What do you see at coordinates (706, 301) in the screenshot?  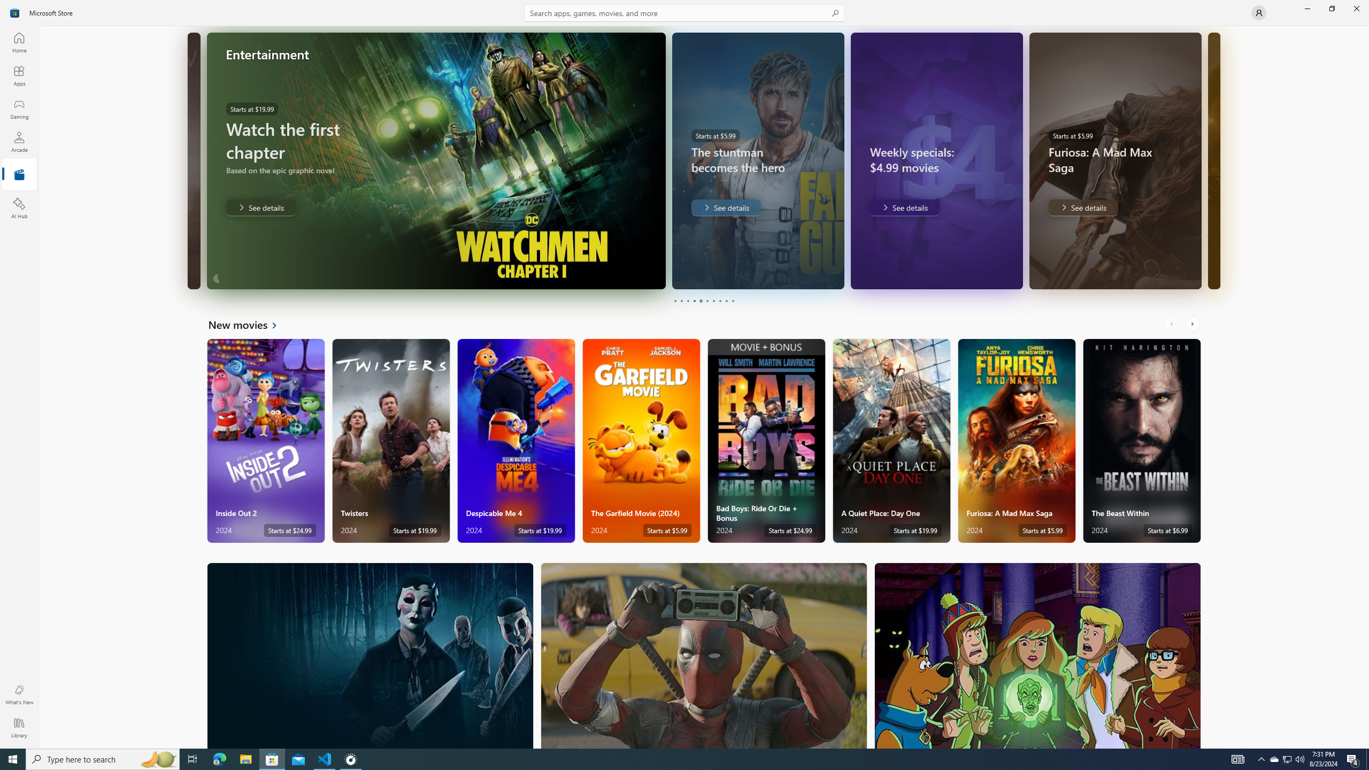 I see `'Page 6'` at bounding box center [706, 301].